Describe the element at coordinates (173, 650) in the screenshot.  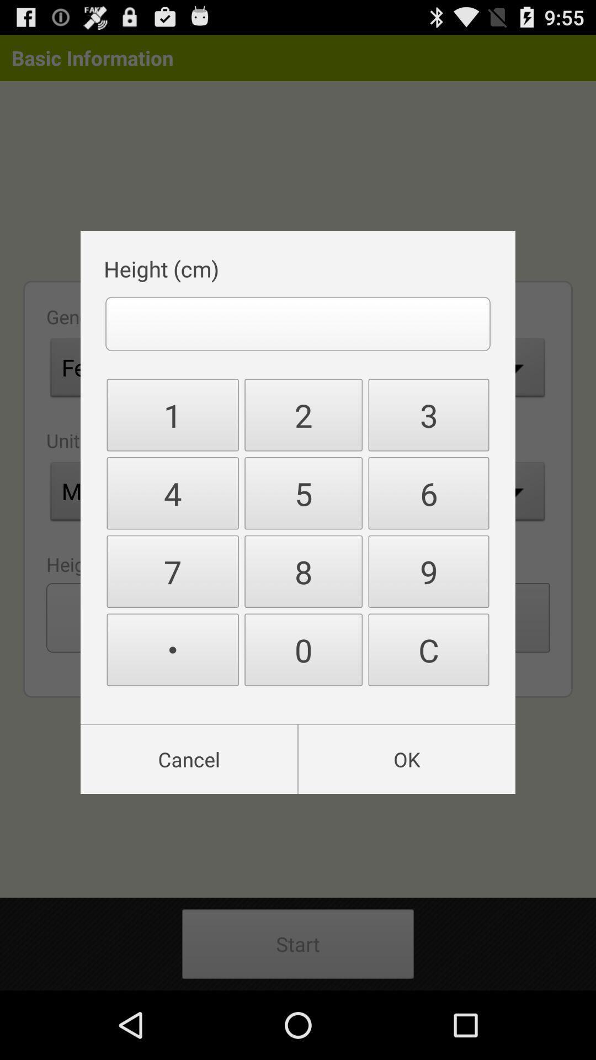
I see `item below the 7 item` at that location.